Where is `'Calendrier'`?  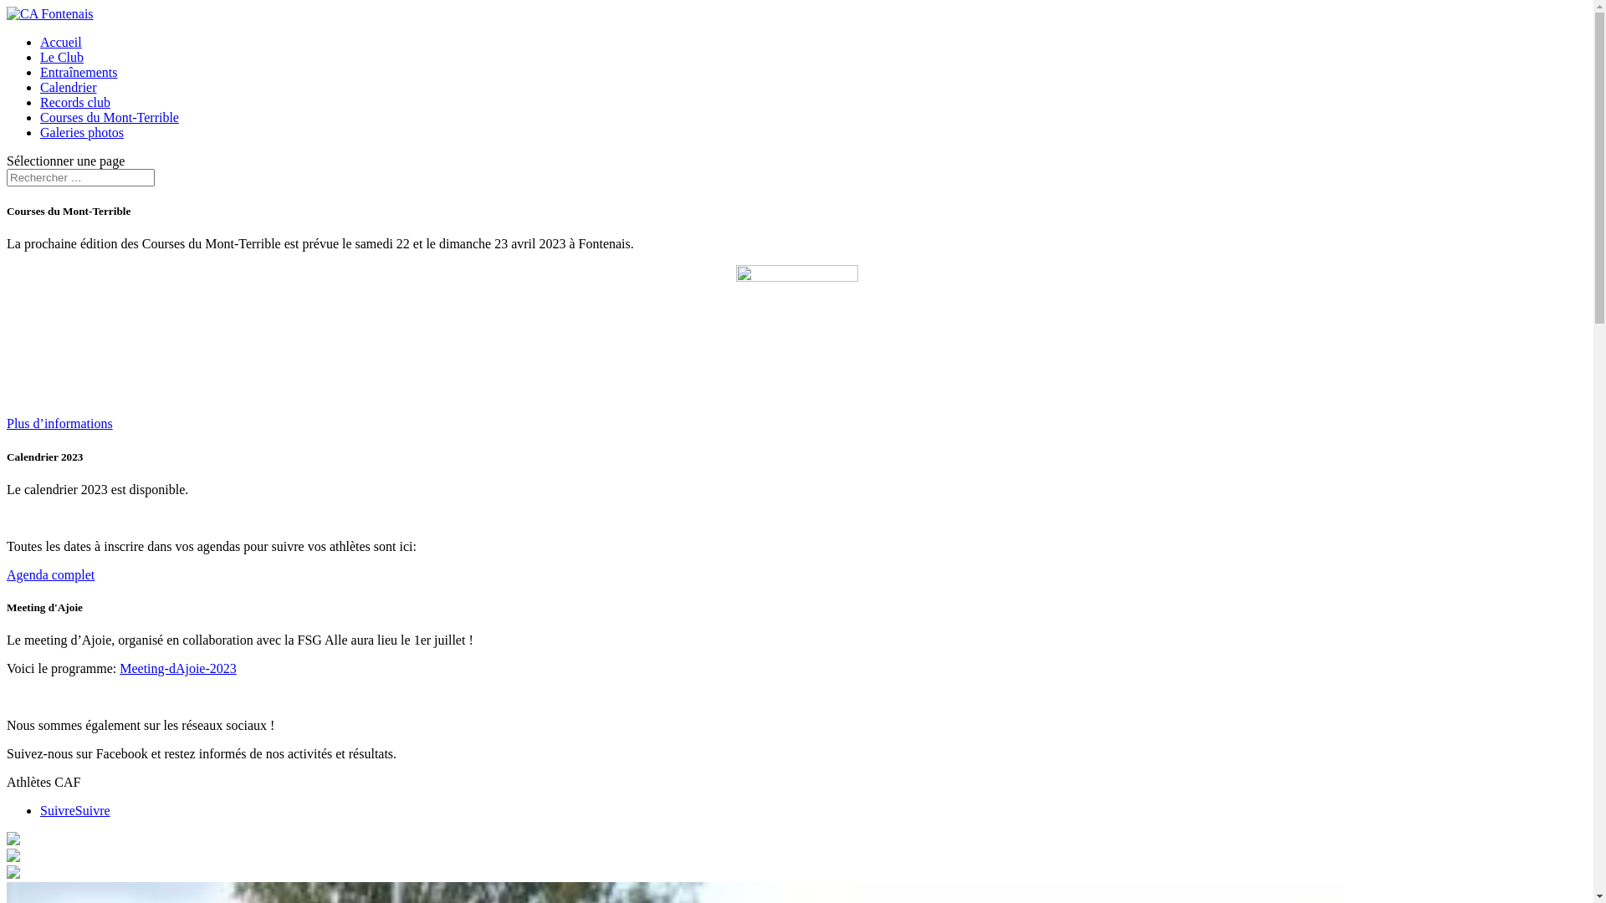 'Calendrier' is located at coordinates (40, 87).